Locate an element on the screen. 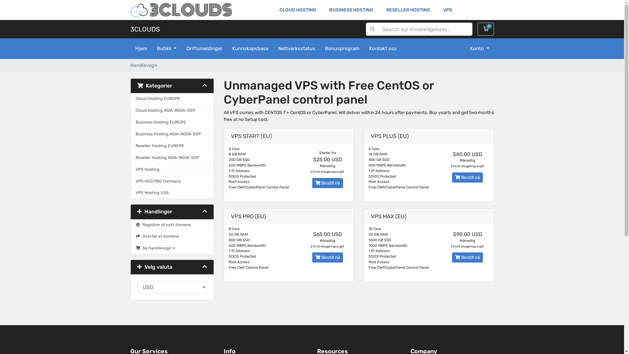 The image size is (629, 354). 'Nettverksstatus' is located at coordinates (296, 48).